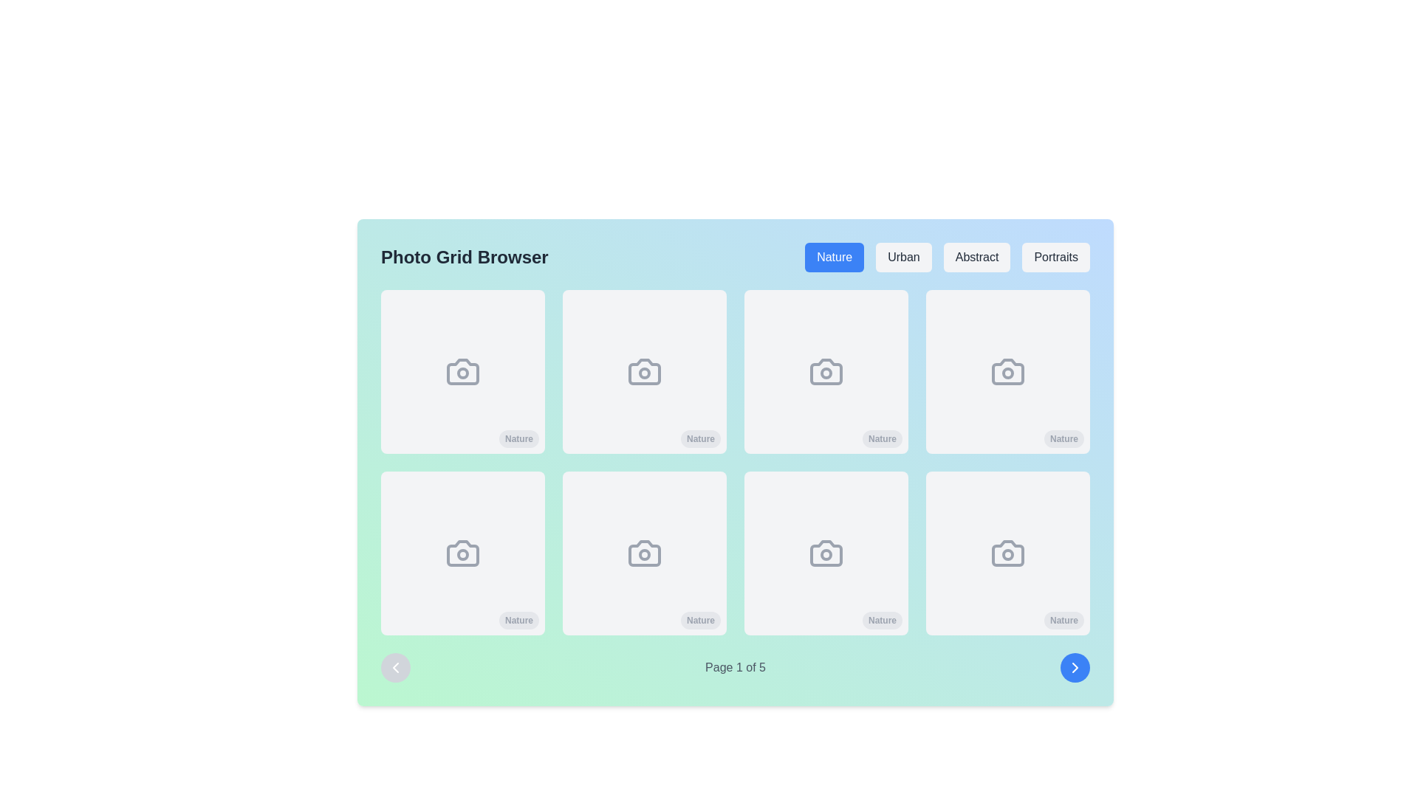  What do you see at coordinates (1007, 371) in the screenshot?
I see `the 'Nature' Card element, which is the fourth card in the first row of a grid layout, positioned at the top-right area of the grid` at bounding box center [1007, 371].